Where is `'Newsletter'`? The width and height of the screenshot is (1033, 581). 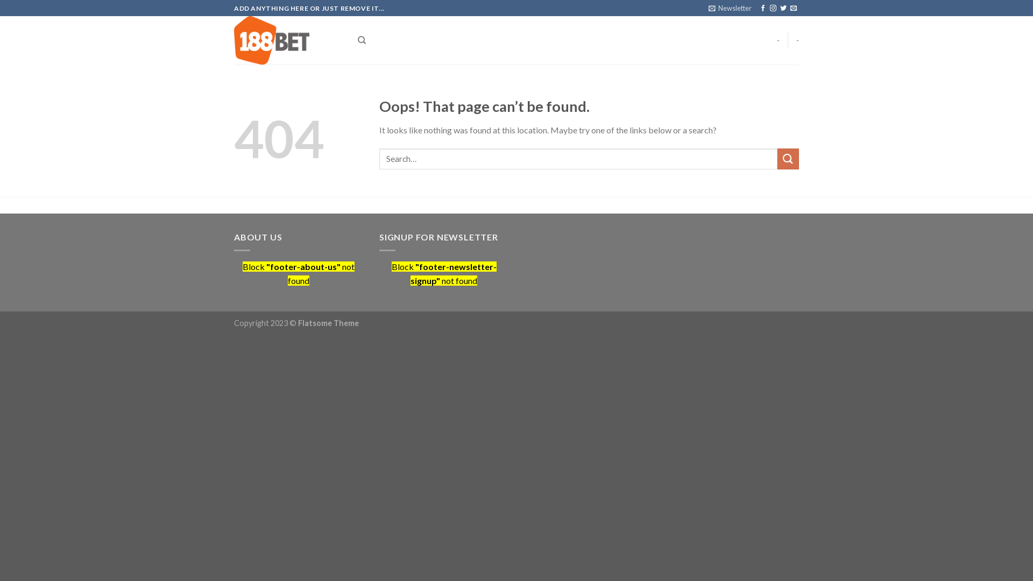 'Newsletter' is located at coordinates (730, 8).